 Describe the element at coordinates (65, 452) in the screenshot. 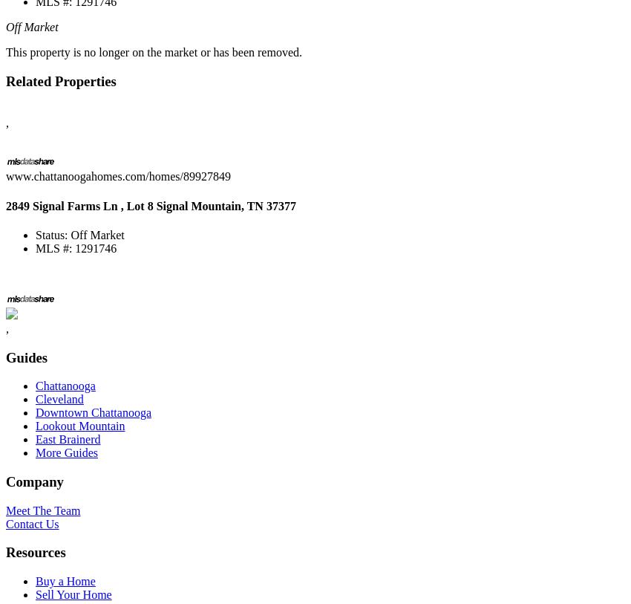

I see `'More Guides'` at that location.